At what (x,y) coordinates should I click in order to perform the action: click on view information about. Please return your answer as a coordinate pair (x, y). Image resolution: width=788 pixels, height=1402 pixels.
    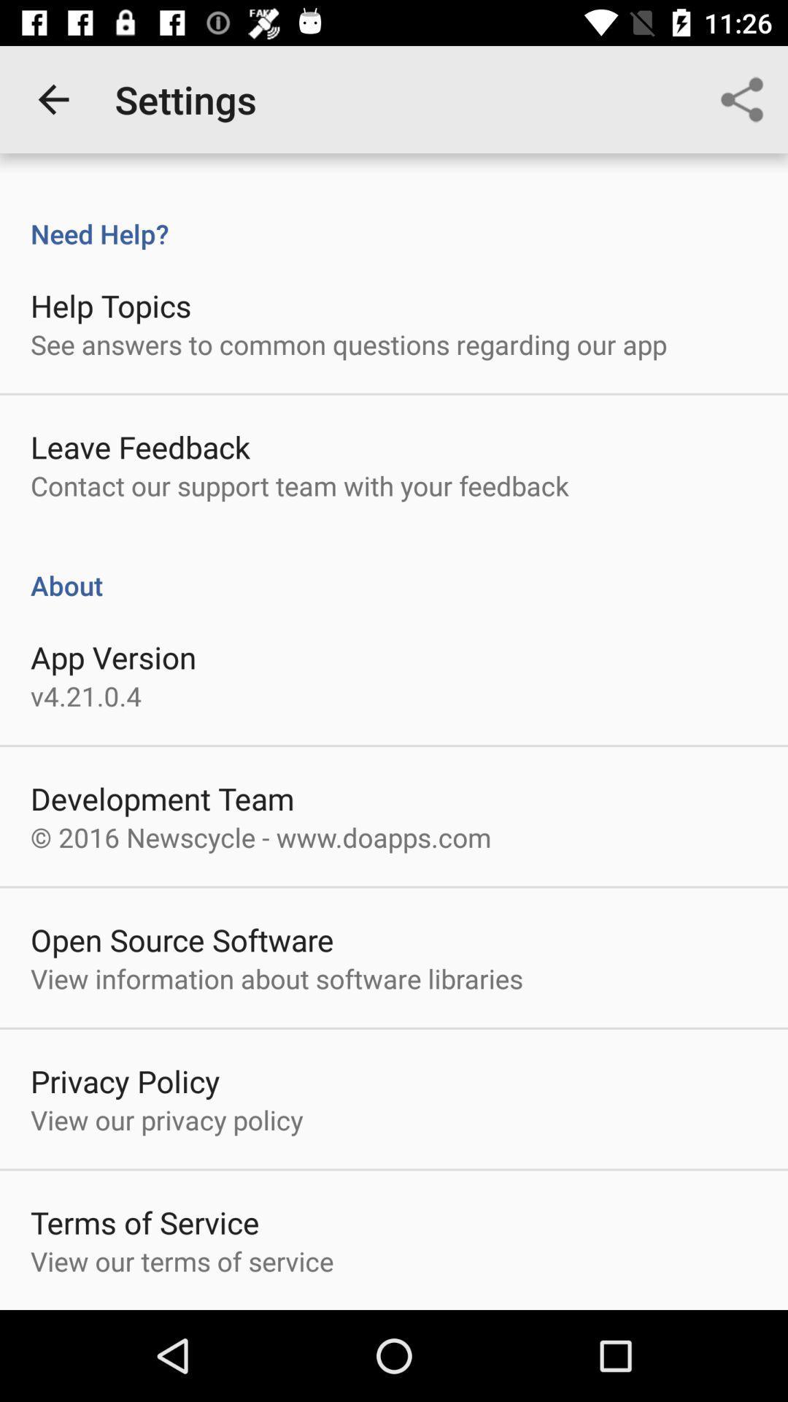
    Looking at the image, I should click on (277, 978).